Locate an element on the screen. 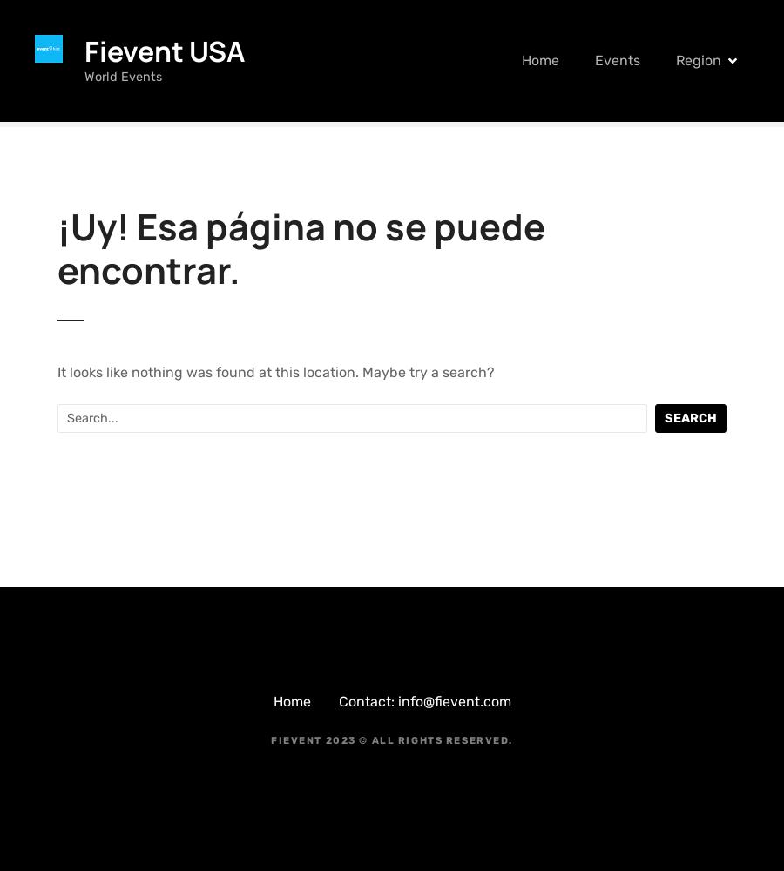 Image resolution: width=784 pixels, height=871 pixels. 'Events' is located at coordinates (617, 59).